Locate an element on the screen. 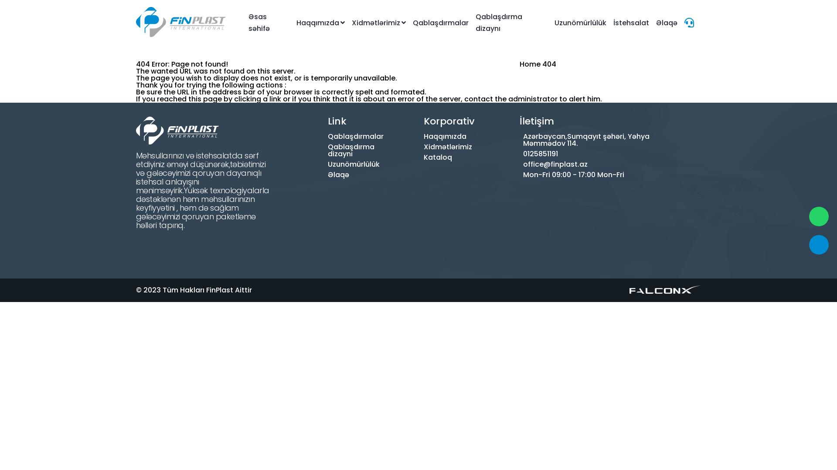 This screenshot has height=470, width=837. 'Home' is located at coordinates (529, 64).